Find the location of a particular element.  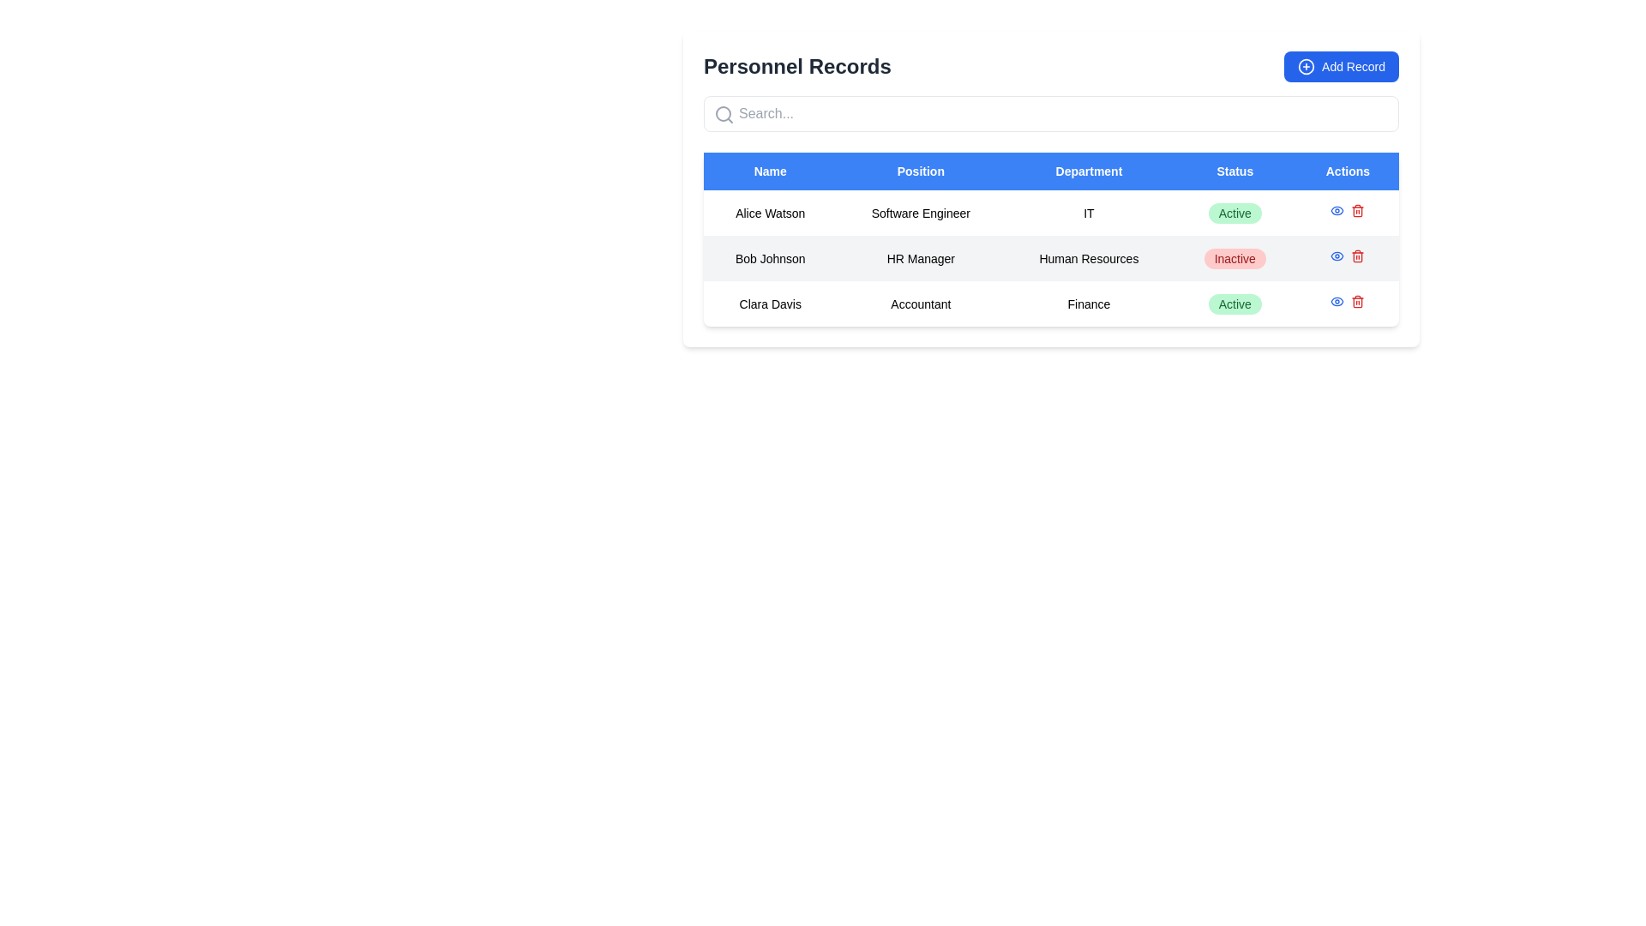

the blue eye icon button in the 'Actions' column of the data table corresponding to the 'IT' department is located at coordinates (1337, 210).